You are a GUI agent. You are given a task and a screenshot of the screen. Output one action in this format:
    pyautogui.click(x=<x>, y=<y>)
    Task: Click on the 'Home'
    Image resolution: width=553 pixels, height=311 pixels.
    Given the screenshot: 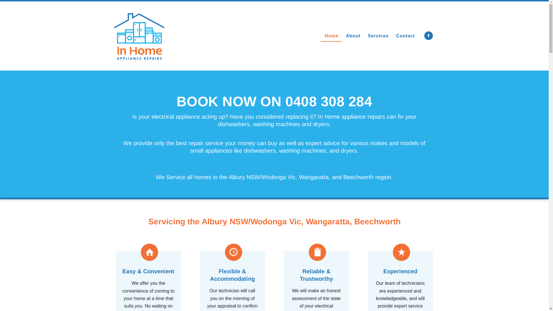 What is the action you would take?
    pyautogui.click(x=332, y=36)
    